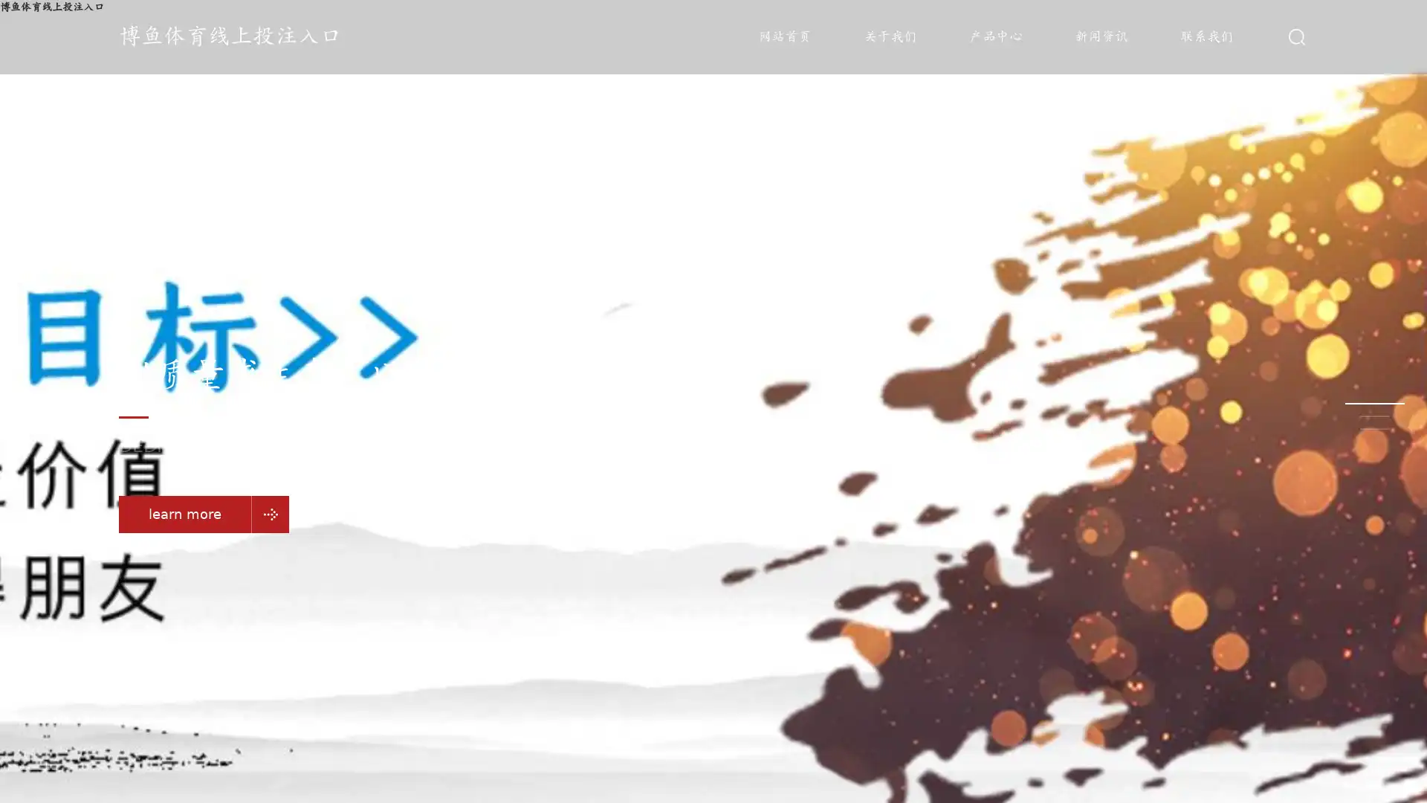  I want to click on Go to slide 2, so click(1373, 416).